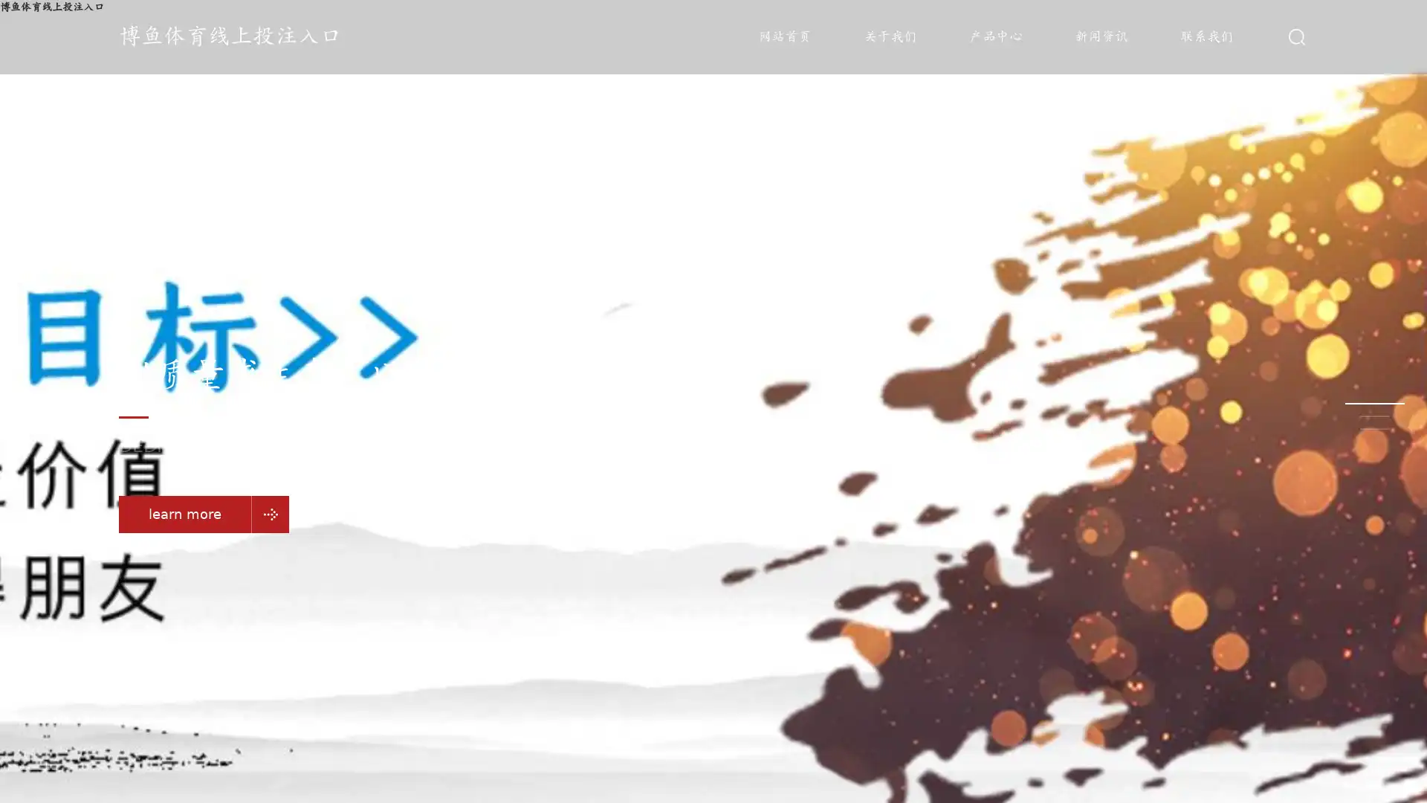  I want to click on Go to slide 2, so click(1373, 416).